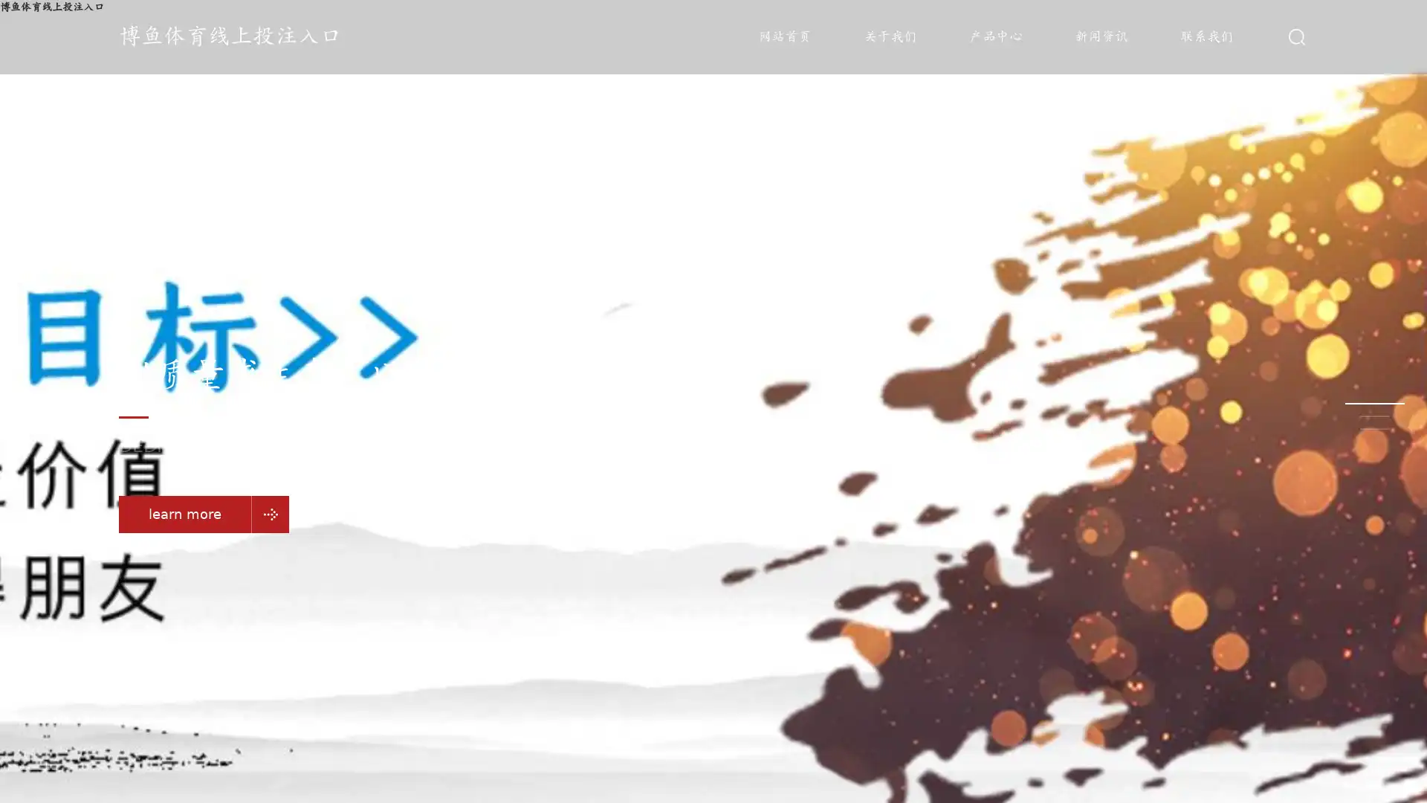  I want to click on Go to slide 2, so click(1373, 416).